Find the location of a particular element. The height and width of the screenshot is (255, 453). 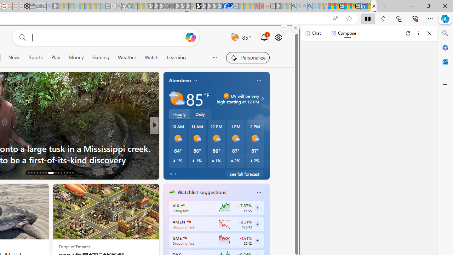

'Weather' is located at coordinates (127, 57).